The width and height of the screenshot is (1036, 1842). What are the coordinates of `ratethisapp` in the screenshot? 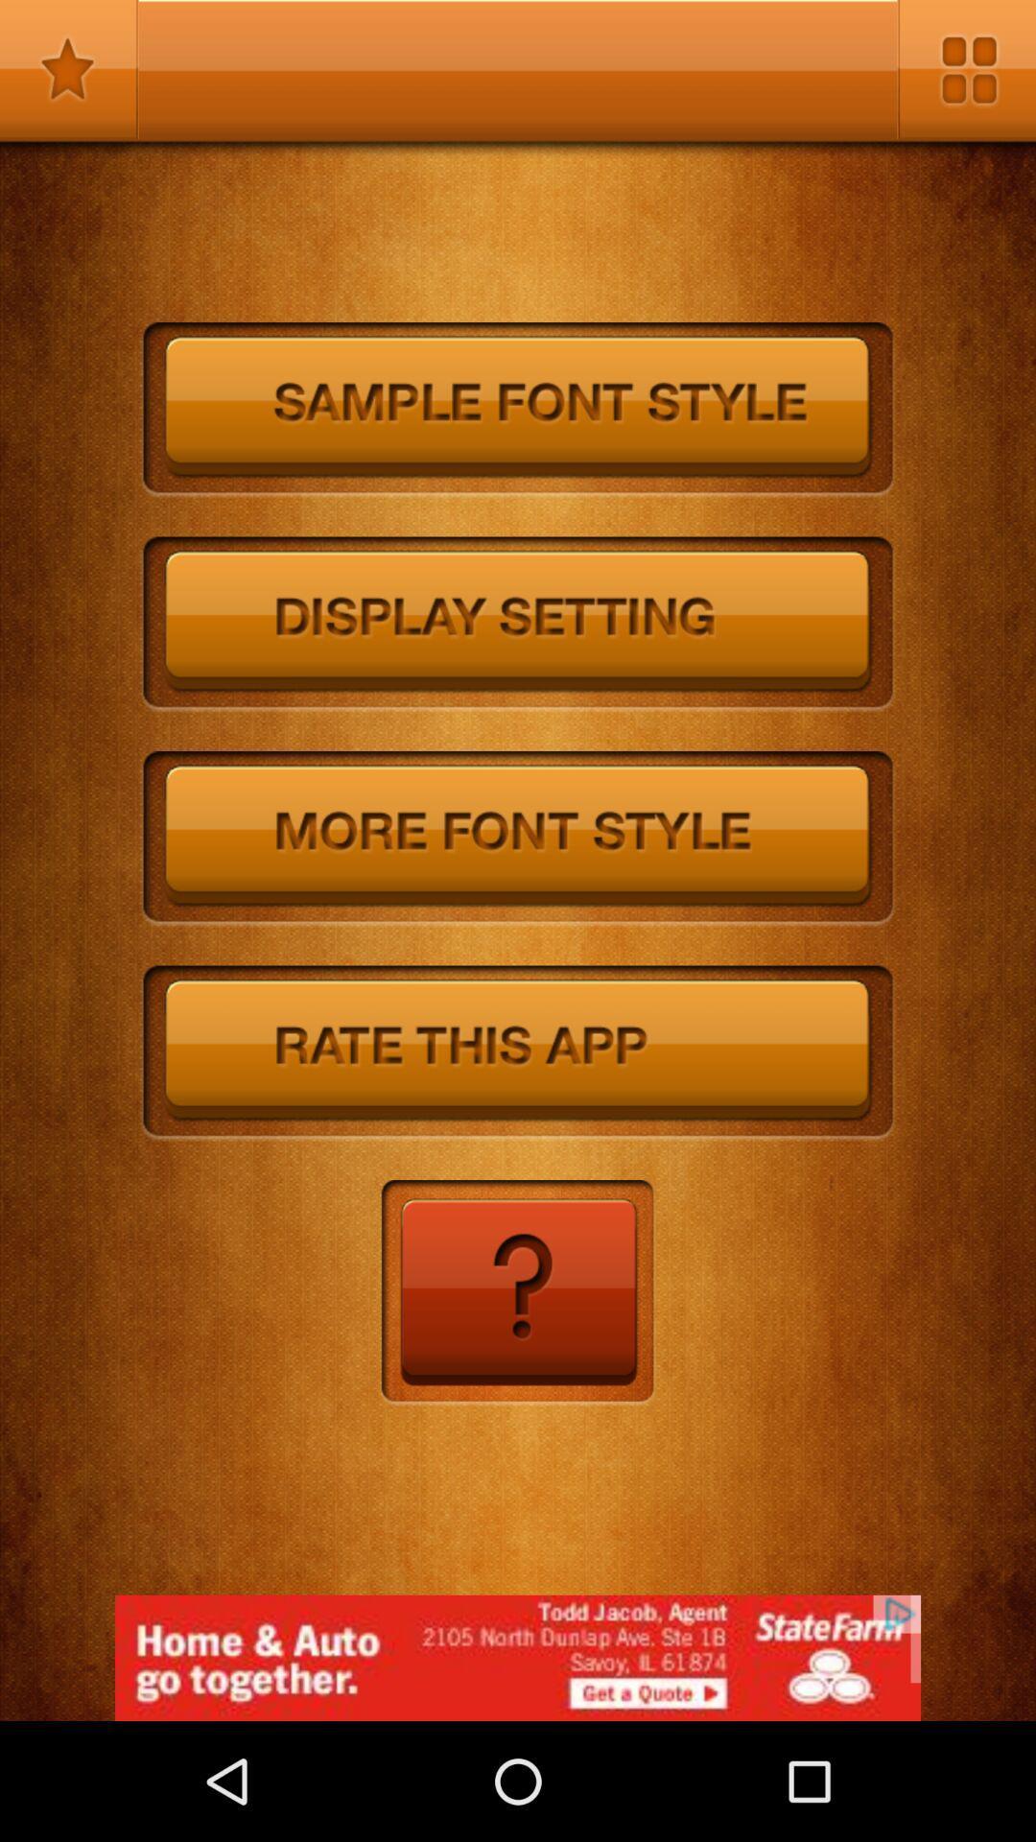 It's located at (518, 1052).